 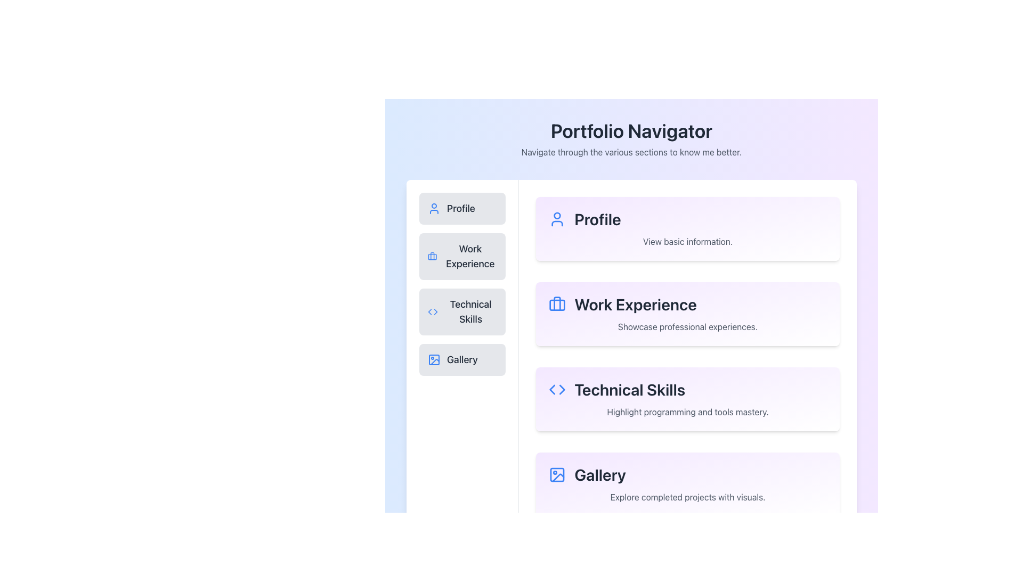 I want to click on the gallery icon located to the left of the 'Gallery' text in the interface, so click(x=557, y=474).